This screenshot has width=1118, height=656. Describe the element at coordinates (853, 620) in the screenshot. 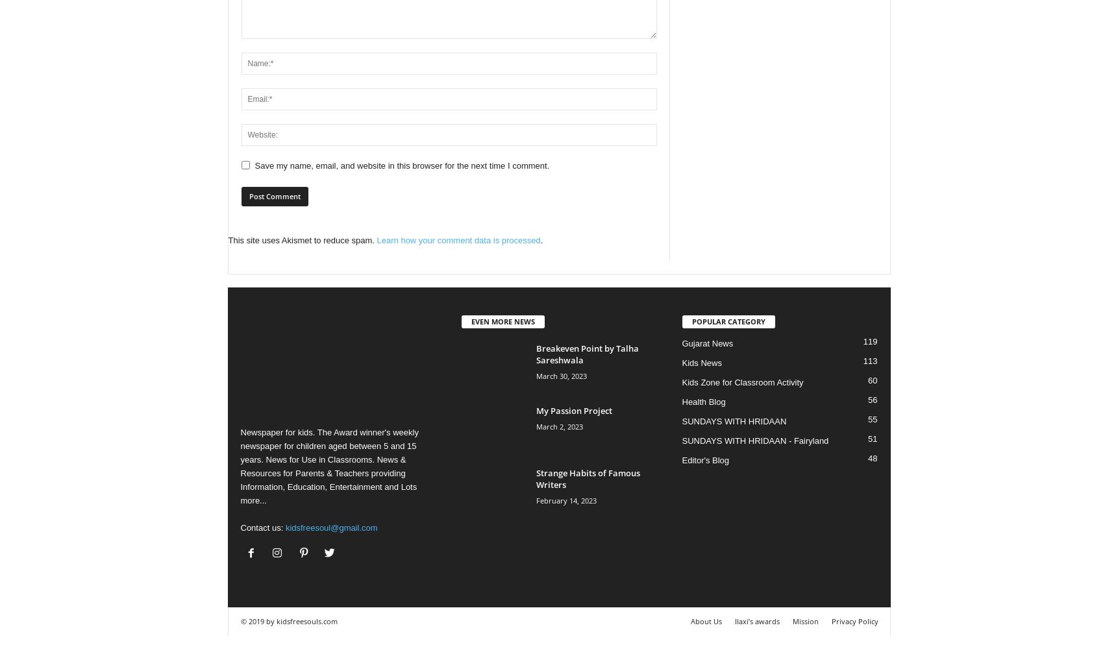

I see `'Privacy Policy'` at that location.